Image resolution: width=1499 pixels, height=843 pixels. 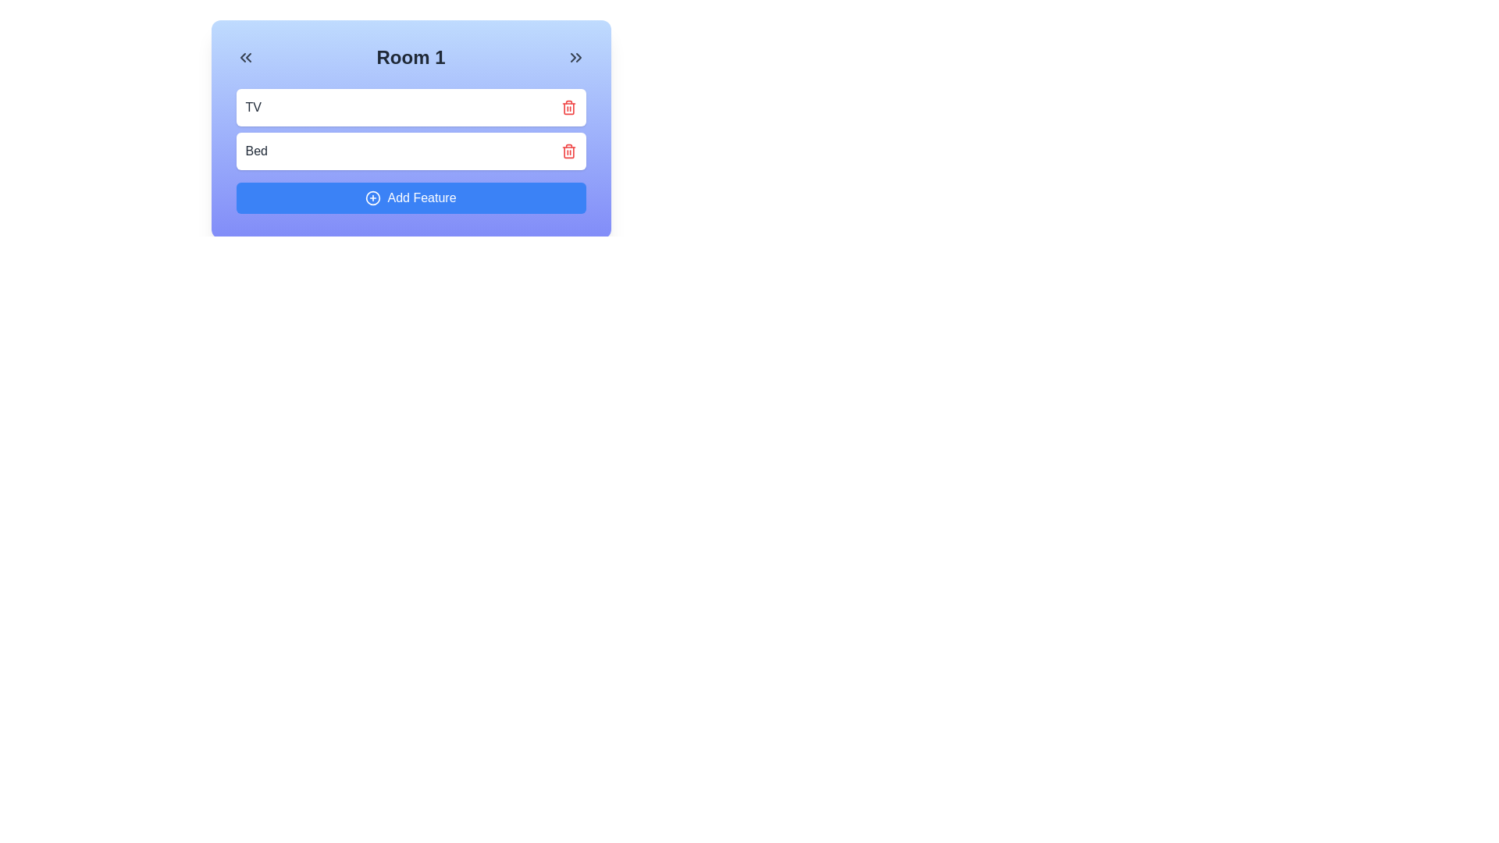 What do you see at coordinates (242, 56) in the screenshot?
I see `the left-pointing chevron icon located at the top-left corner of the 'Room 1' card, which is a minimalistic triangular shape pointing left` at bounding box center [242, 56].